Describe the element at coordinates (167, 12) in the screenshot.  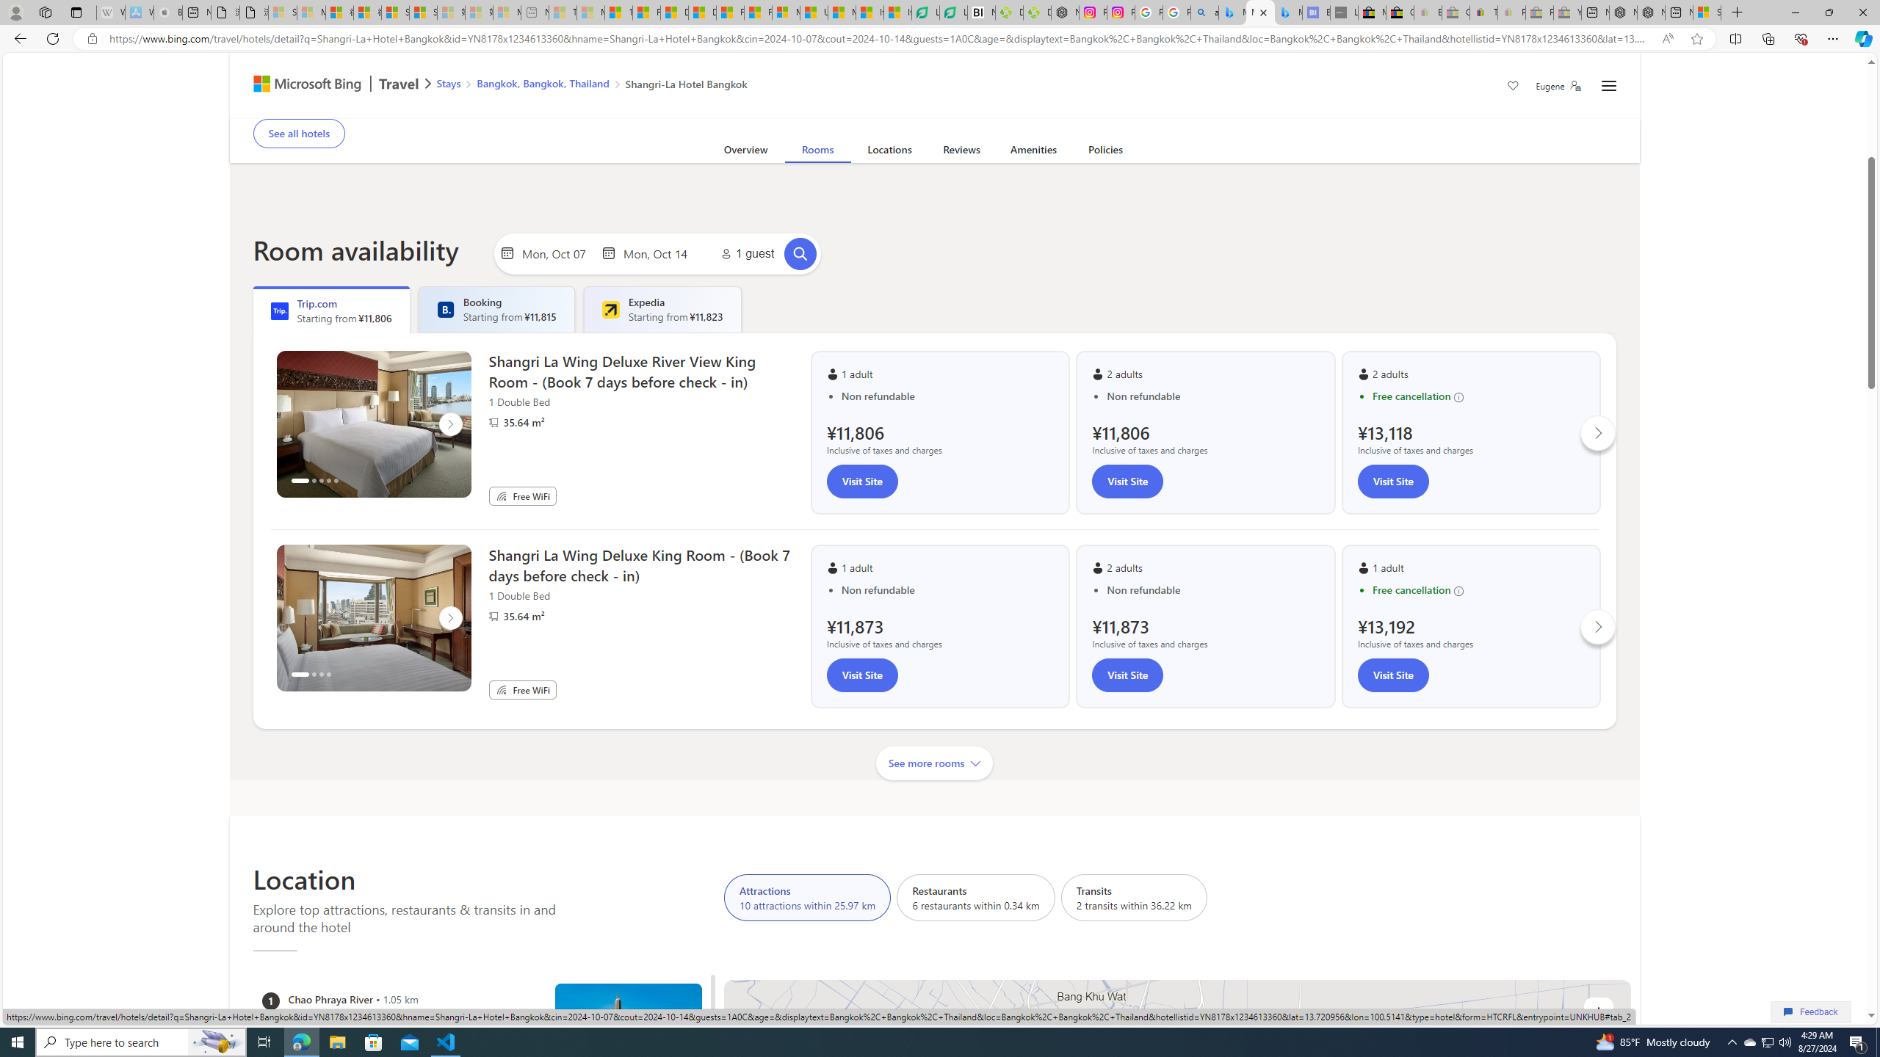
I see `'Buy iPad - Apple - Sleeping'` at that location.